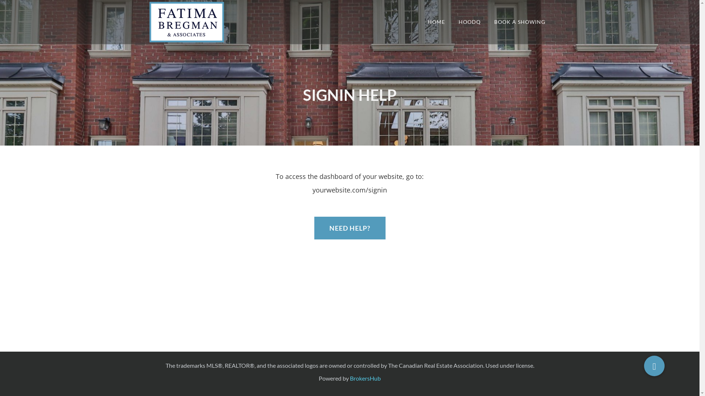 This screenshot has height=396, width=705. I want to click on 'NEED HELP?', so click(350, 227).